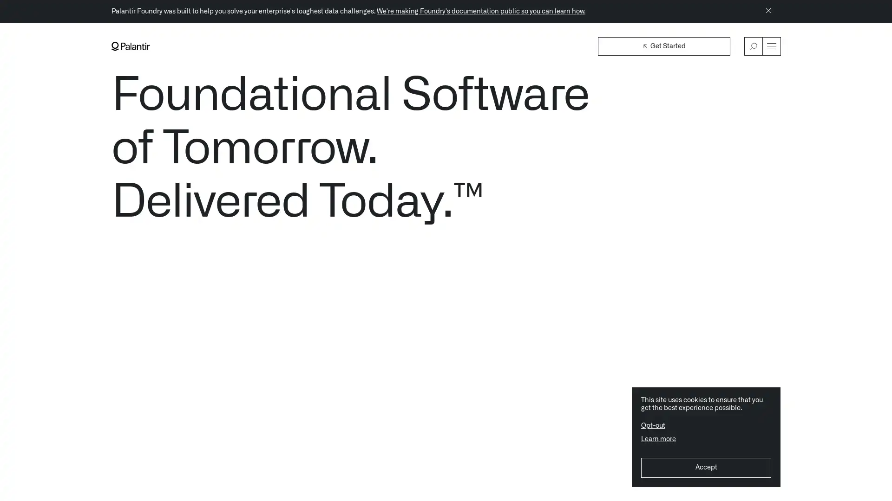 Image resolution: width=892 pixels, height=501 pixels. What do you see at coordinates (771, 46) in the screenshot?
I see `Show Navigation` at bounding box center [771, 46].